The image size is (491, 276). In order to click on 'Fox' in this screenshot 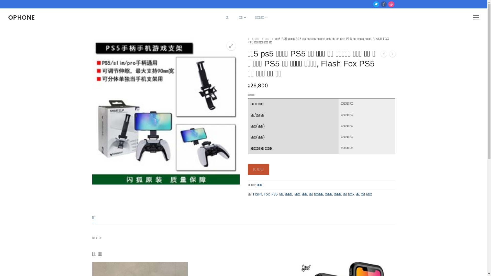, I will do `click(264, 194)`.